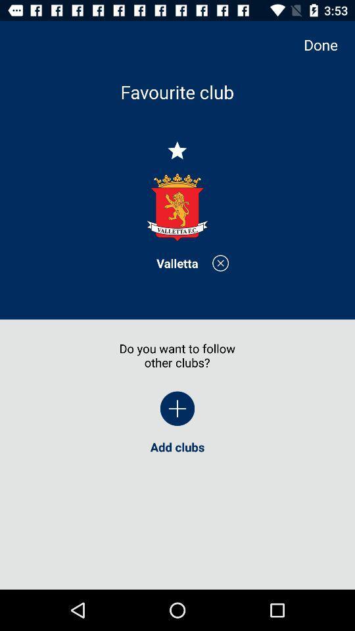  What do you see at coordinates (177, 262) in the screenshot?
I see `valletta icon` at bounding box center [177, 262].